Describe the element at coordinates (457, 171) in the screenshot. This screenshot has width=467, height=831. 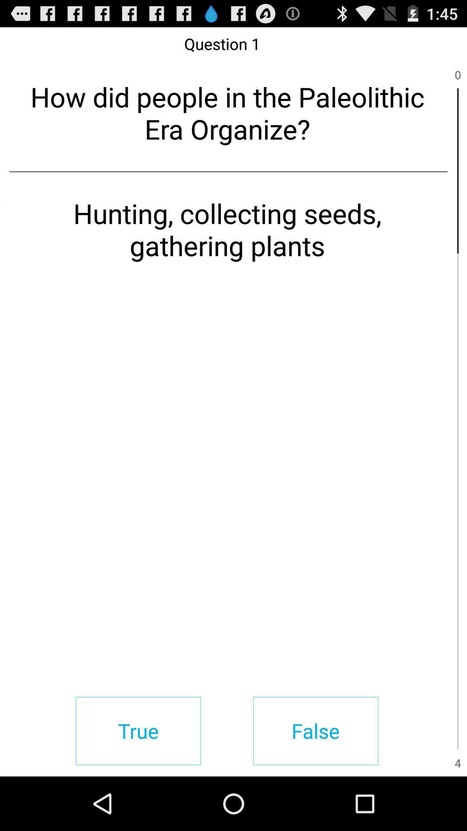
I see `the icon to the right of the how did people` at that location.